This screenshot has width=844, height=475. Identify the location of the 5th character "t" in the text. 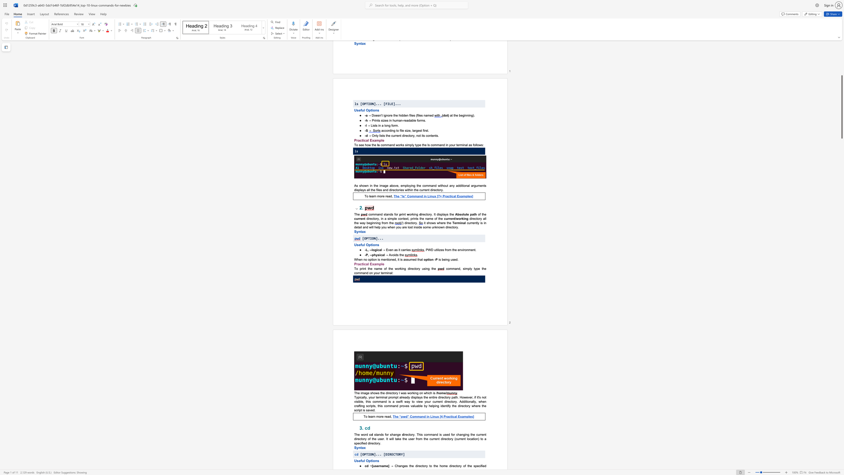
(432, 268).